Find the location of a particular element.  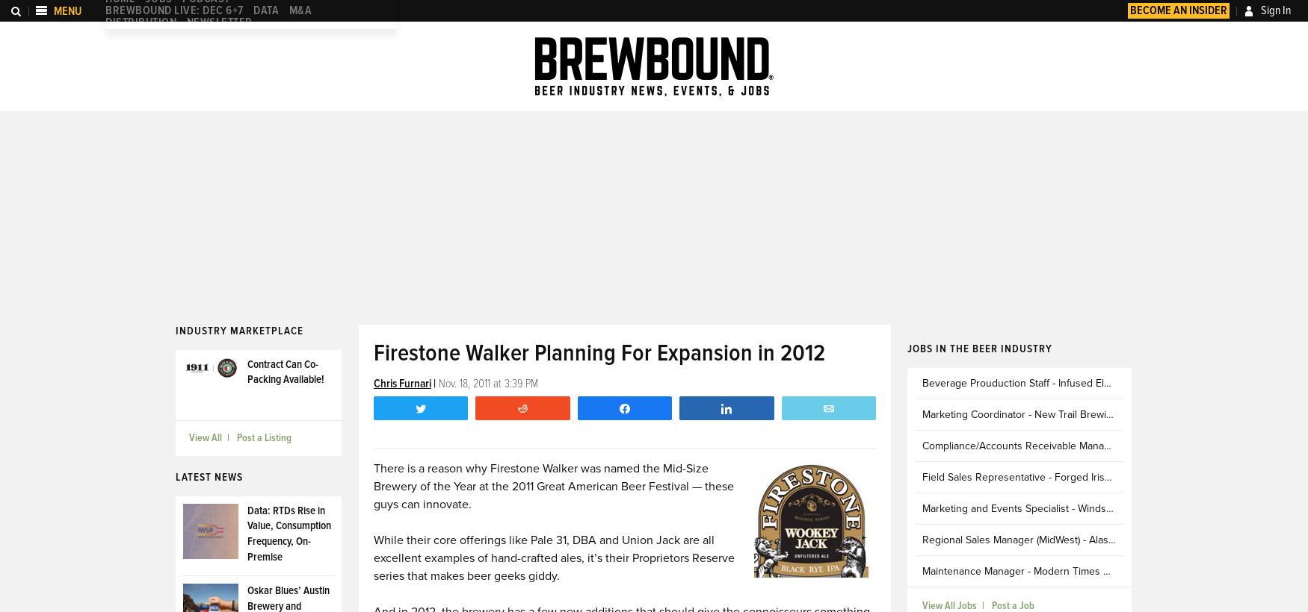

'Regional Sales Manager (MidWest) - Alaskan Brewing Co.' is located at coordinates (1052, 538).